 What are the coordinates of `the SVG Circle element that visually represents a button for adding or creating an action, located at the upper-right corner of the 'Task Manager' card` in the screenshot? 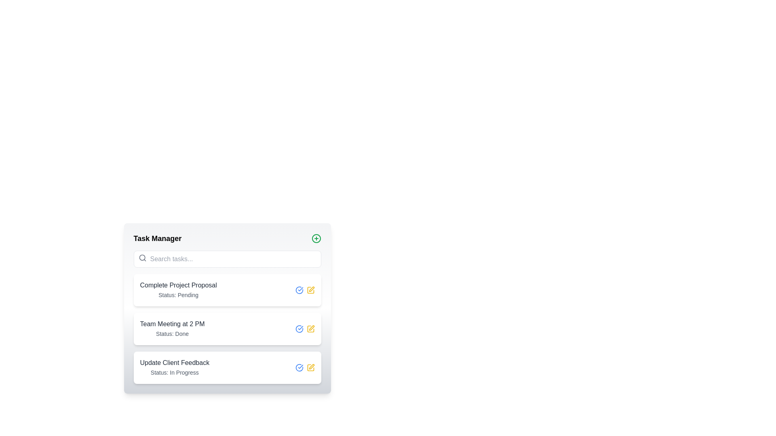 It's located at (316, 238).